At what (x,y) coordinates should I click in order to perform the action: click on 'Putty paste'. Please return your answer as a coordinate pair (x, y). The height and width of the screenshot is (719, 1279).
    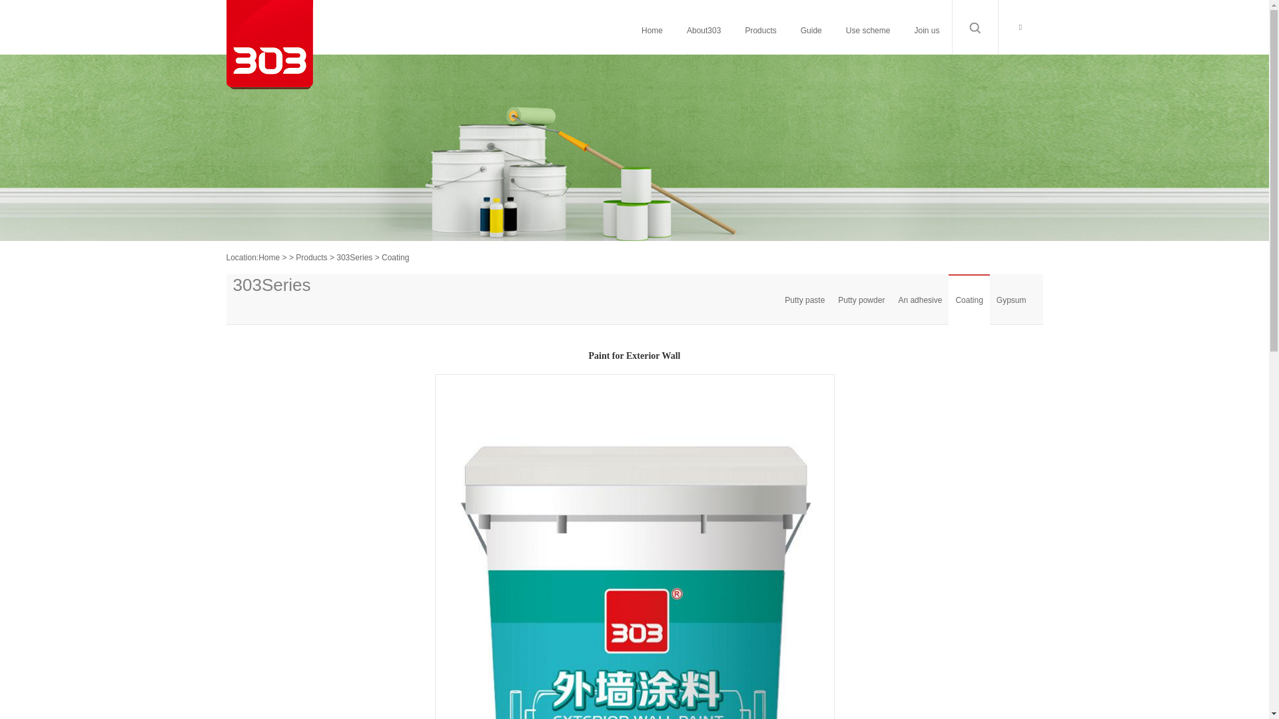
    Looking at the image, I should click on (804, 300).